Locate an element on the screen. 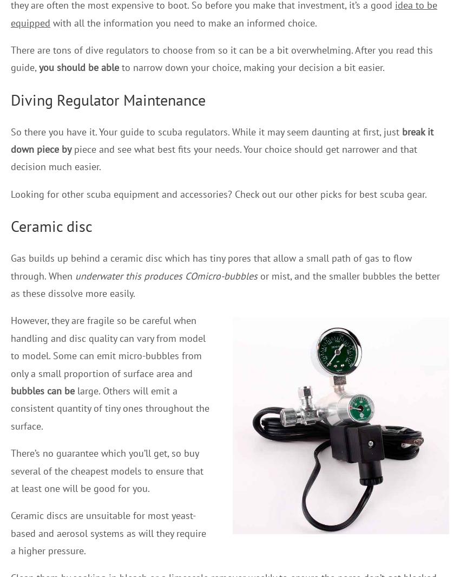 The width and height of the screenshot is (460, 577). 'However, they are fragile so be careful when handling and disc quality can vary from model to model. Some can emit micro-bubbles from only a small proportion of surface area and' is located at coordinates (108, 346).